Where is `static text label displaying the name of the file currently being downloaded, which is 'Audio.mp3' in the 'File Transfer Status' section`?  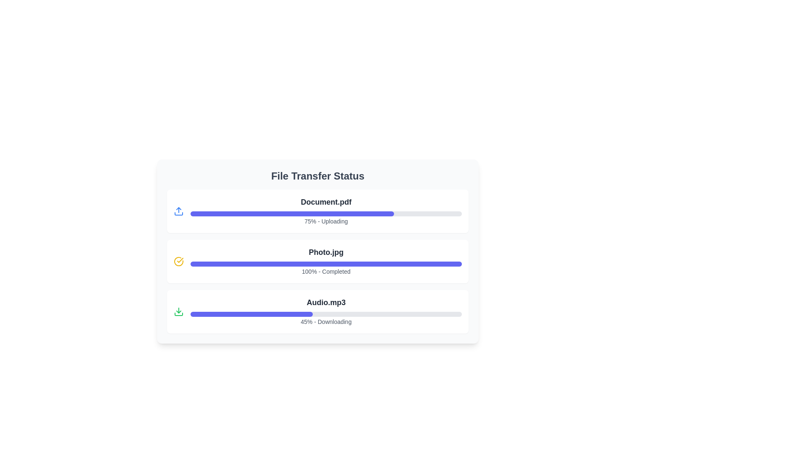
static text label displaying the name of the file currently being downloaded, which is 'Audio.mp3' in the 'File Transfer Status' section is located at coordinates (325, 302).